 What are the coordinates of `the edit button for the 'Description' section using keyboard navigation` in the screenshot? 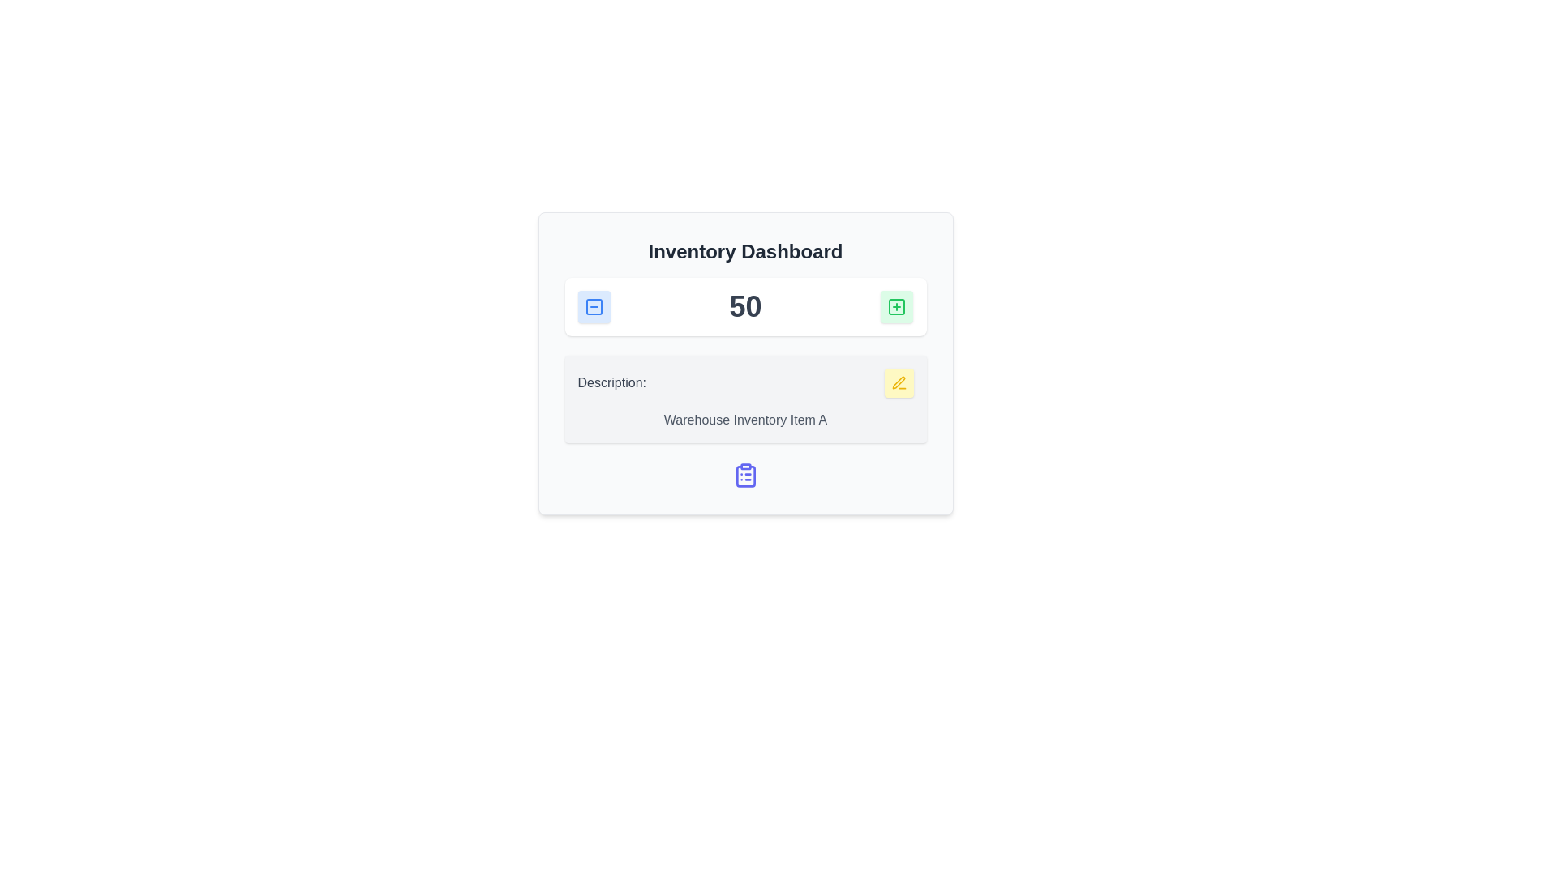 It's located at (898, 383).